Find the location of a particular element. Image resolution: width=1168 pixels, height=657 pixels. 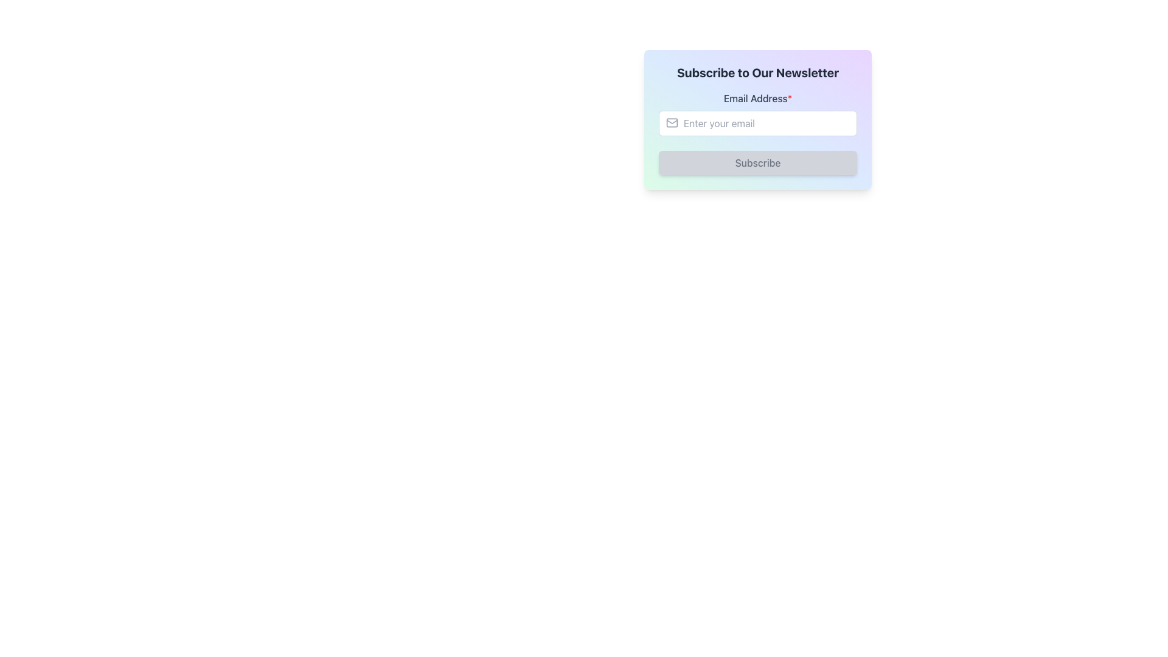

the rectangular icon within the envelope icon, which is part of the email functionalities in the subscription form is located at coordinates (671, 122).